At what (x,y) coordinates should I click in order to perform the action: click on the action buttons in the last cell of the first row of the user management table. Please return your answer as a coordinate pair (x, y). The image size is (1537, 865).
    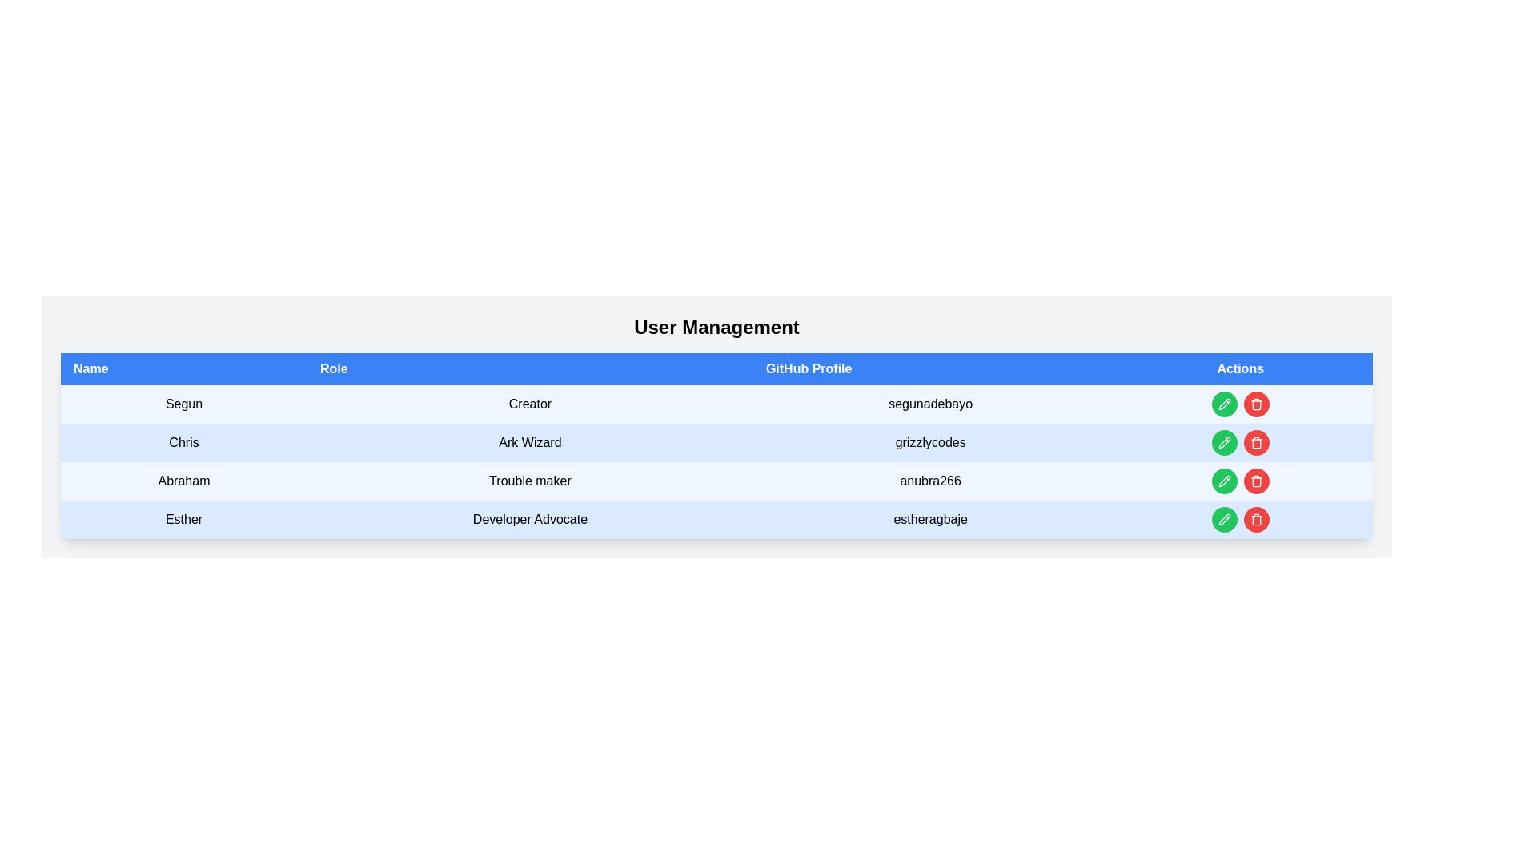
    Looking at the image, I should click on (1239, 404).